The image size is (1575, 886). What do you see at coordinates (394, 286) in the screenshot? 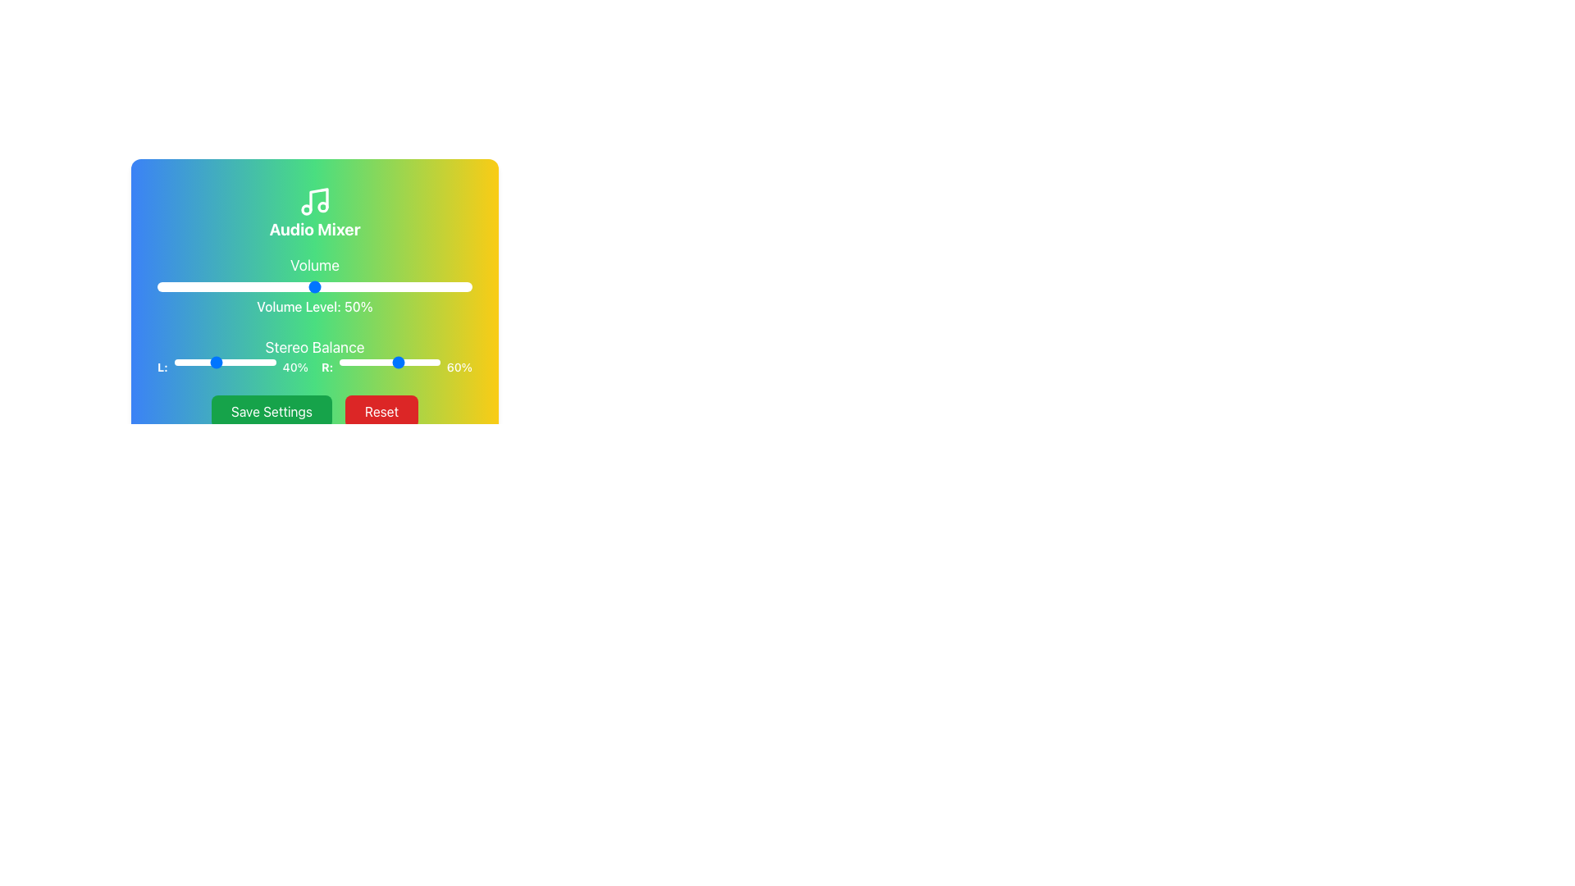
I see `the volume slider` at bounding box center [394, 286].